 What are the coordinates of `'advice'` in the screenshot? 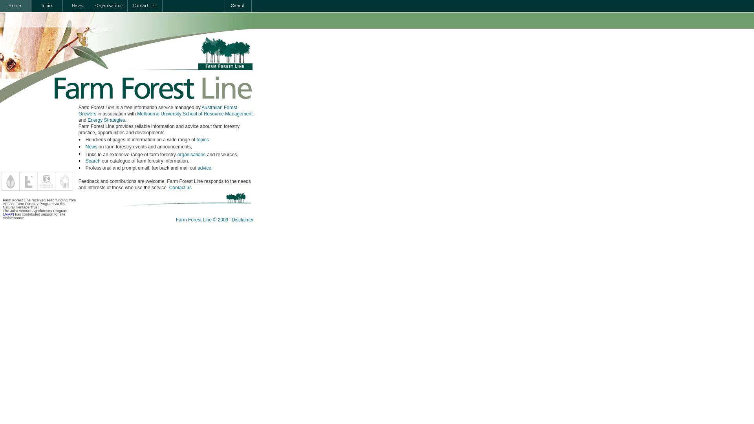 It's located at (204, 168).